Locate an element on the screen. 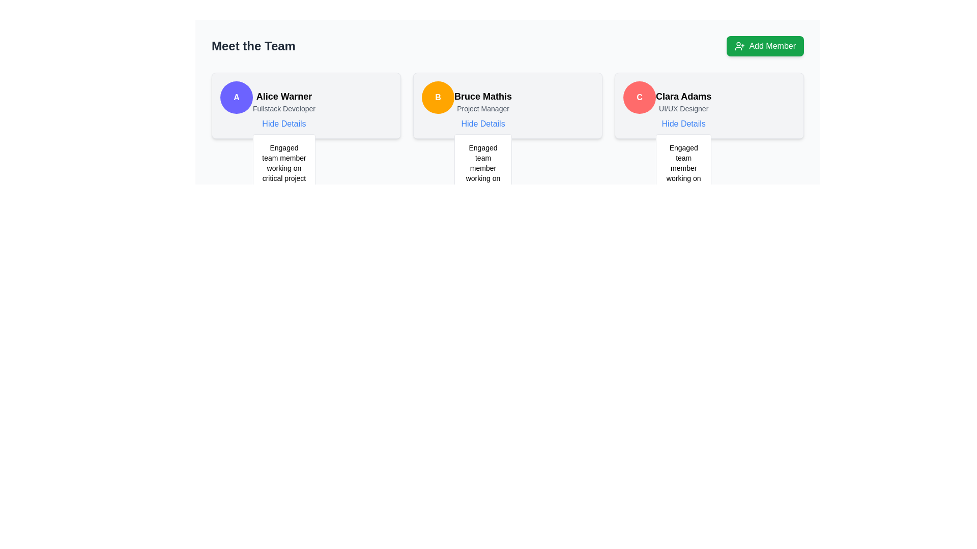 This screenshot has width=977, height=549. the text heading displaying 'Alice Warner', which is bold and centrally aligned at the top of its card is located at coordinates (284, 96).